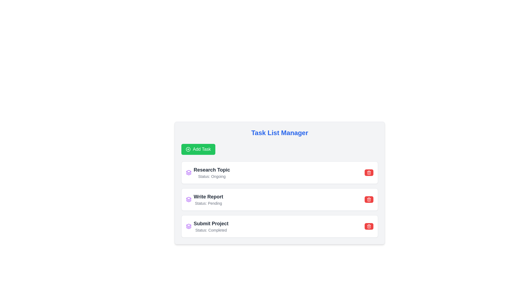 The image size is (526, 296). What do you see at coordinates (369, 200) in the screenshot?
I see `the trash bin icon located within the 'Write Report' section of the task list` at bounding box center [369, 200].